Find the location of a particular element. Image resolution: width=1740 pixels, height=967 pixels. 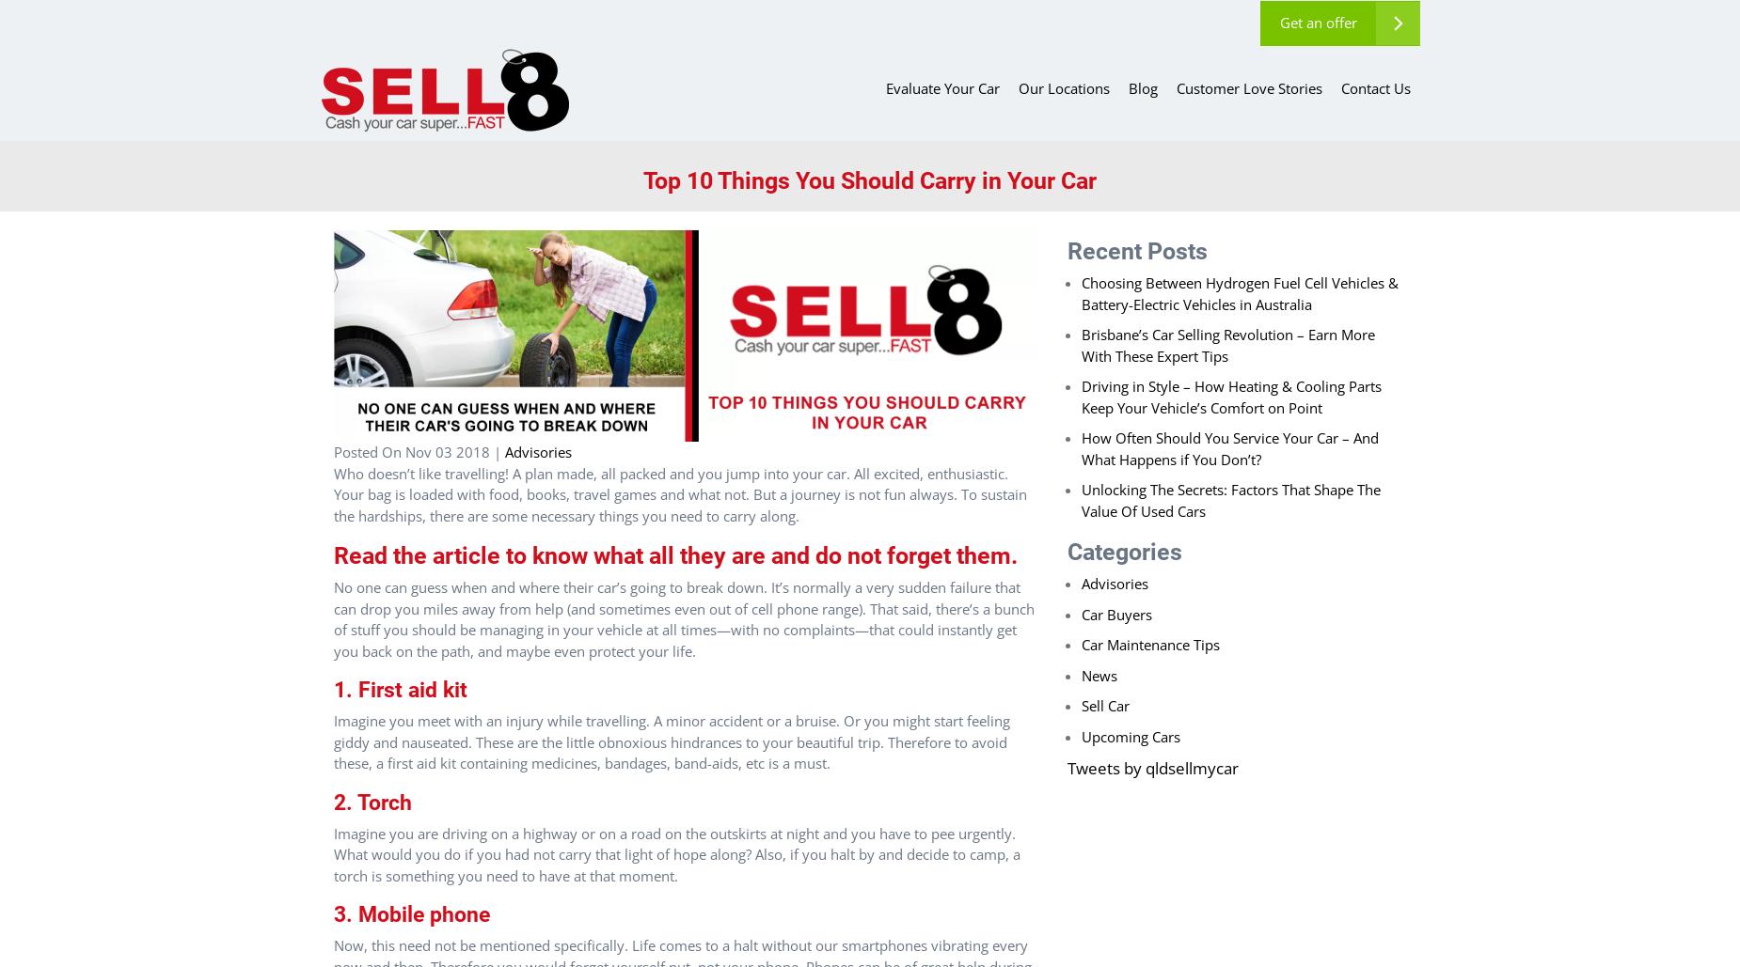

'Contact Us' is located at coordinates (1340, 86).